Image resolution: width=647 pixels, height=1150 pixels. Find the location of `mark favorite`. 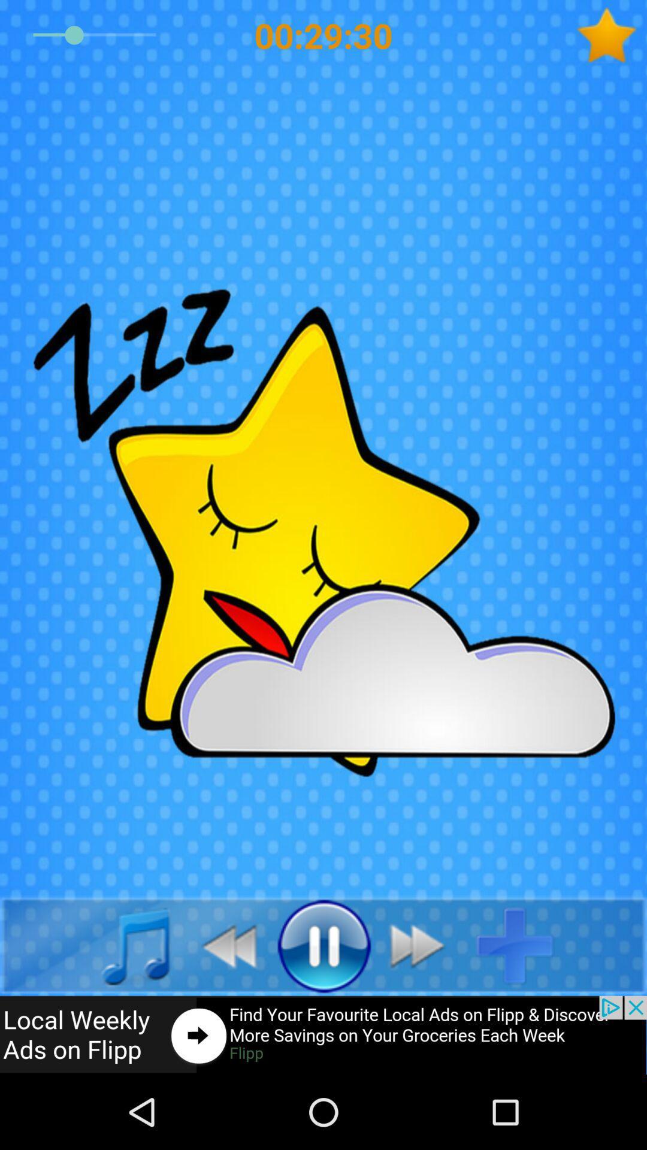

mark favorite is located at coordinates (611, 35).